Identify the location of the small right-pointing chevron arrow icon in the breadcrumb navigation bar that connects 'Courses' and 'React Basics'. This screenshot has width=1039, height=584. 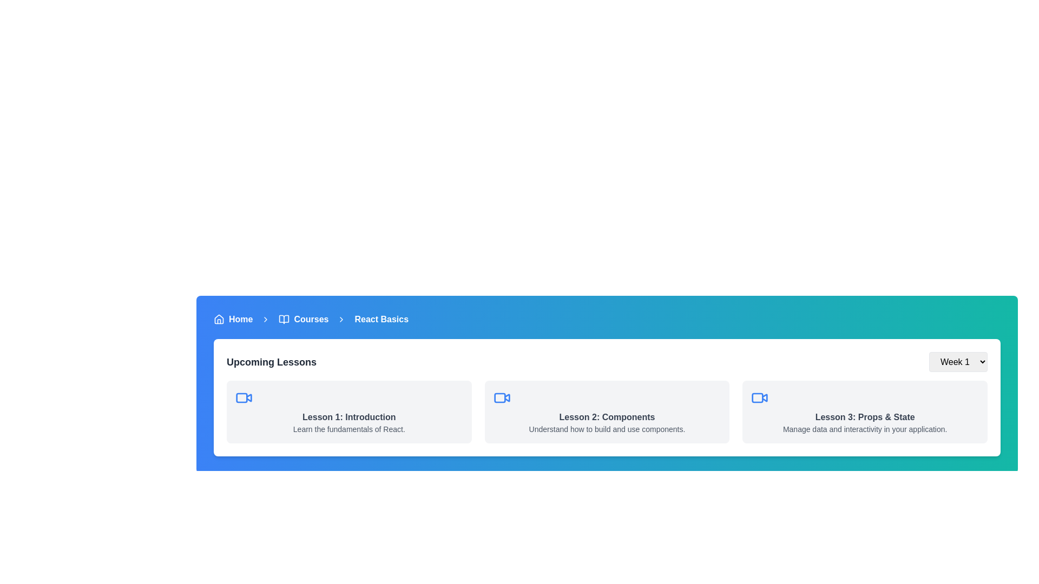
(341, 318).